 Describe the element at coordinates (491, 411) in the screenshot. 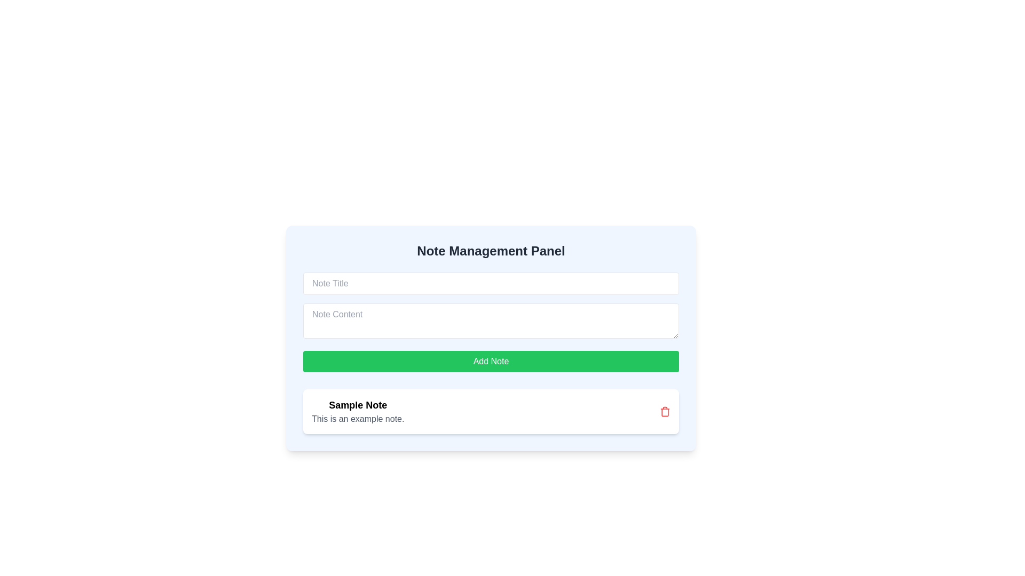

I see `the note item element, which displays the title and description along with a delete button` at that location.